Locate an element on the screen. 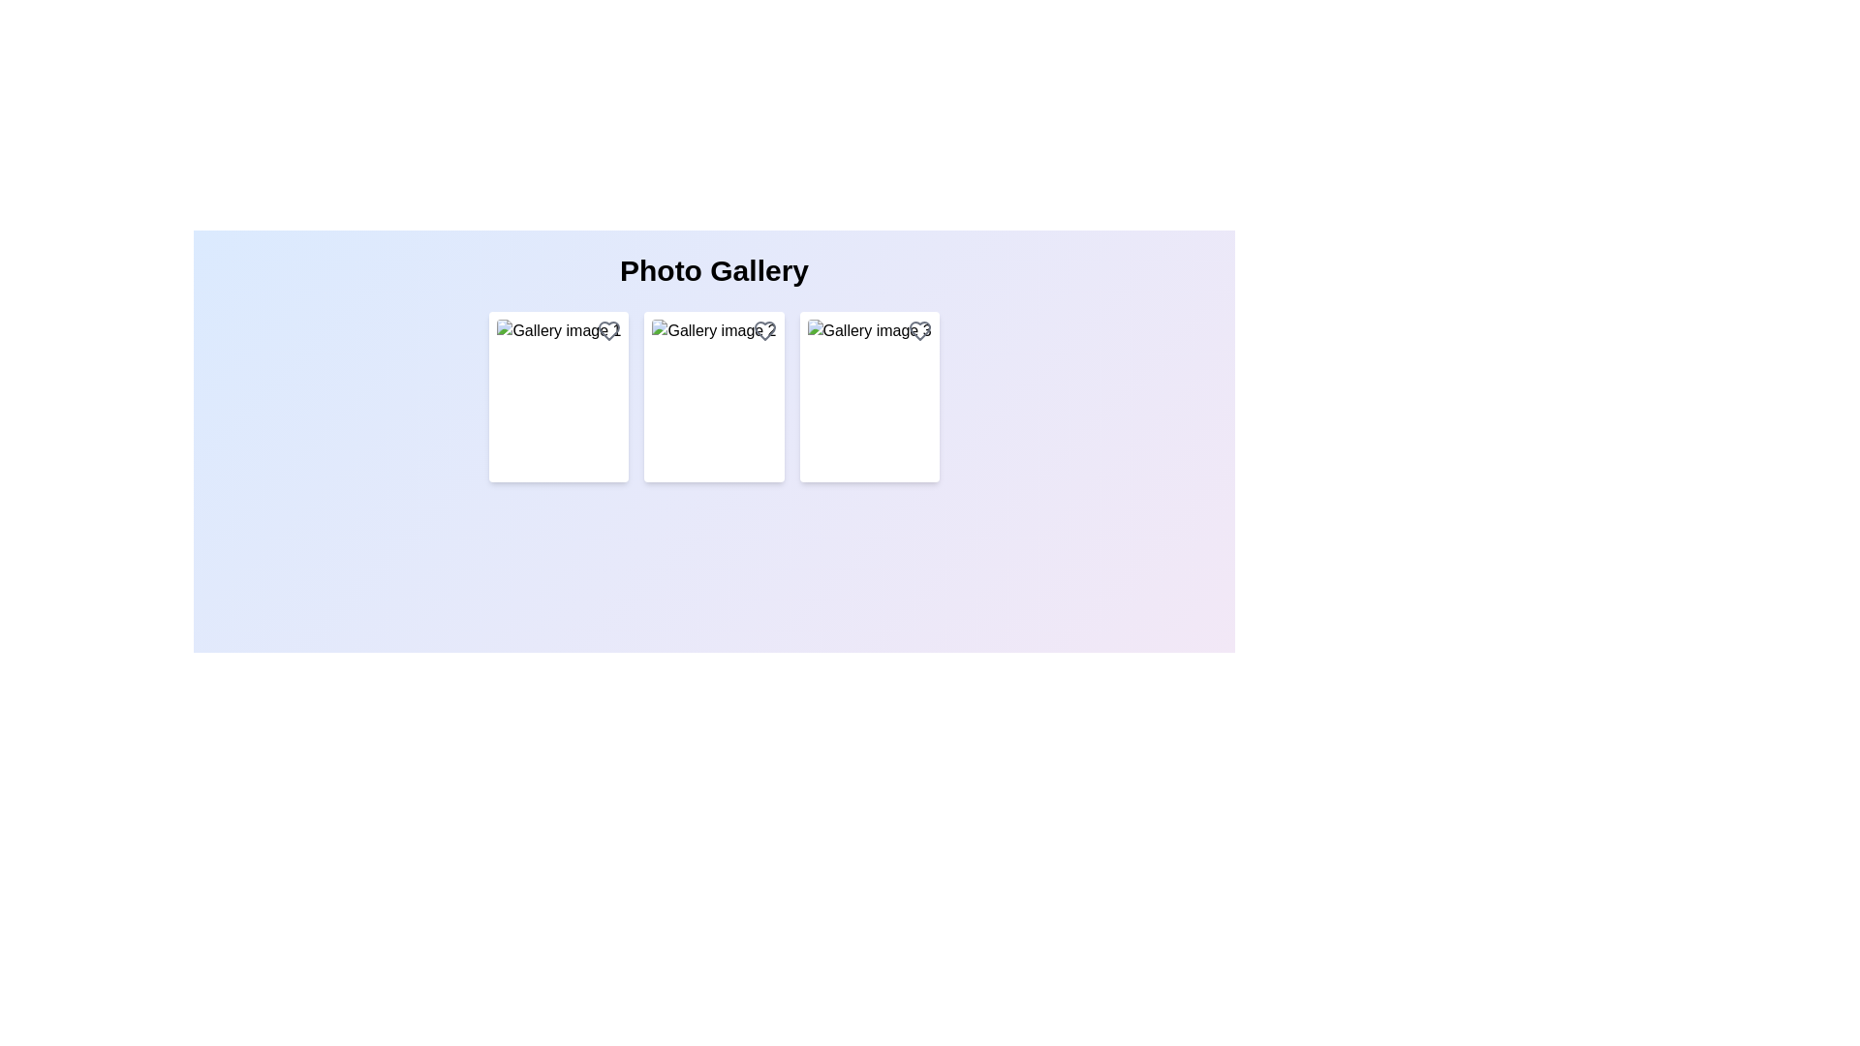 The image size is (1860, 1046). the heart-shaped icon in the top-right corner of 'Gallery image 1' to favorite it is located at coordinates (608, 330).